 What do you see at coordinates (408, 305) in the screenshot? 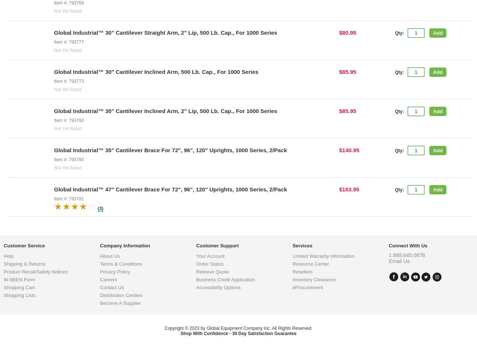
I see `'Connect With Us'` at bounding box center [408, 305].